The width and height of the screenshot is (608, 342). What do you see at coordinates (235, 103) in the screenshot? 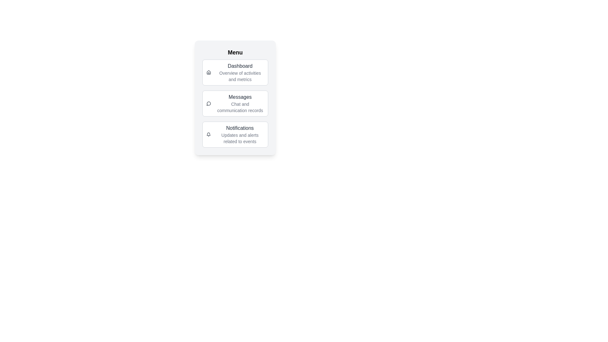
I see `the menu item Messages to activate it` at bounding box center [235, 103].